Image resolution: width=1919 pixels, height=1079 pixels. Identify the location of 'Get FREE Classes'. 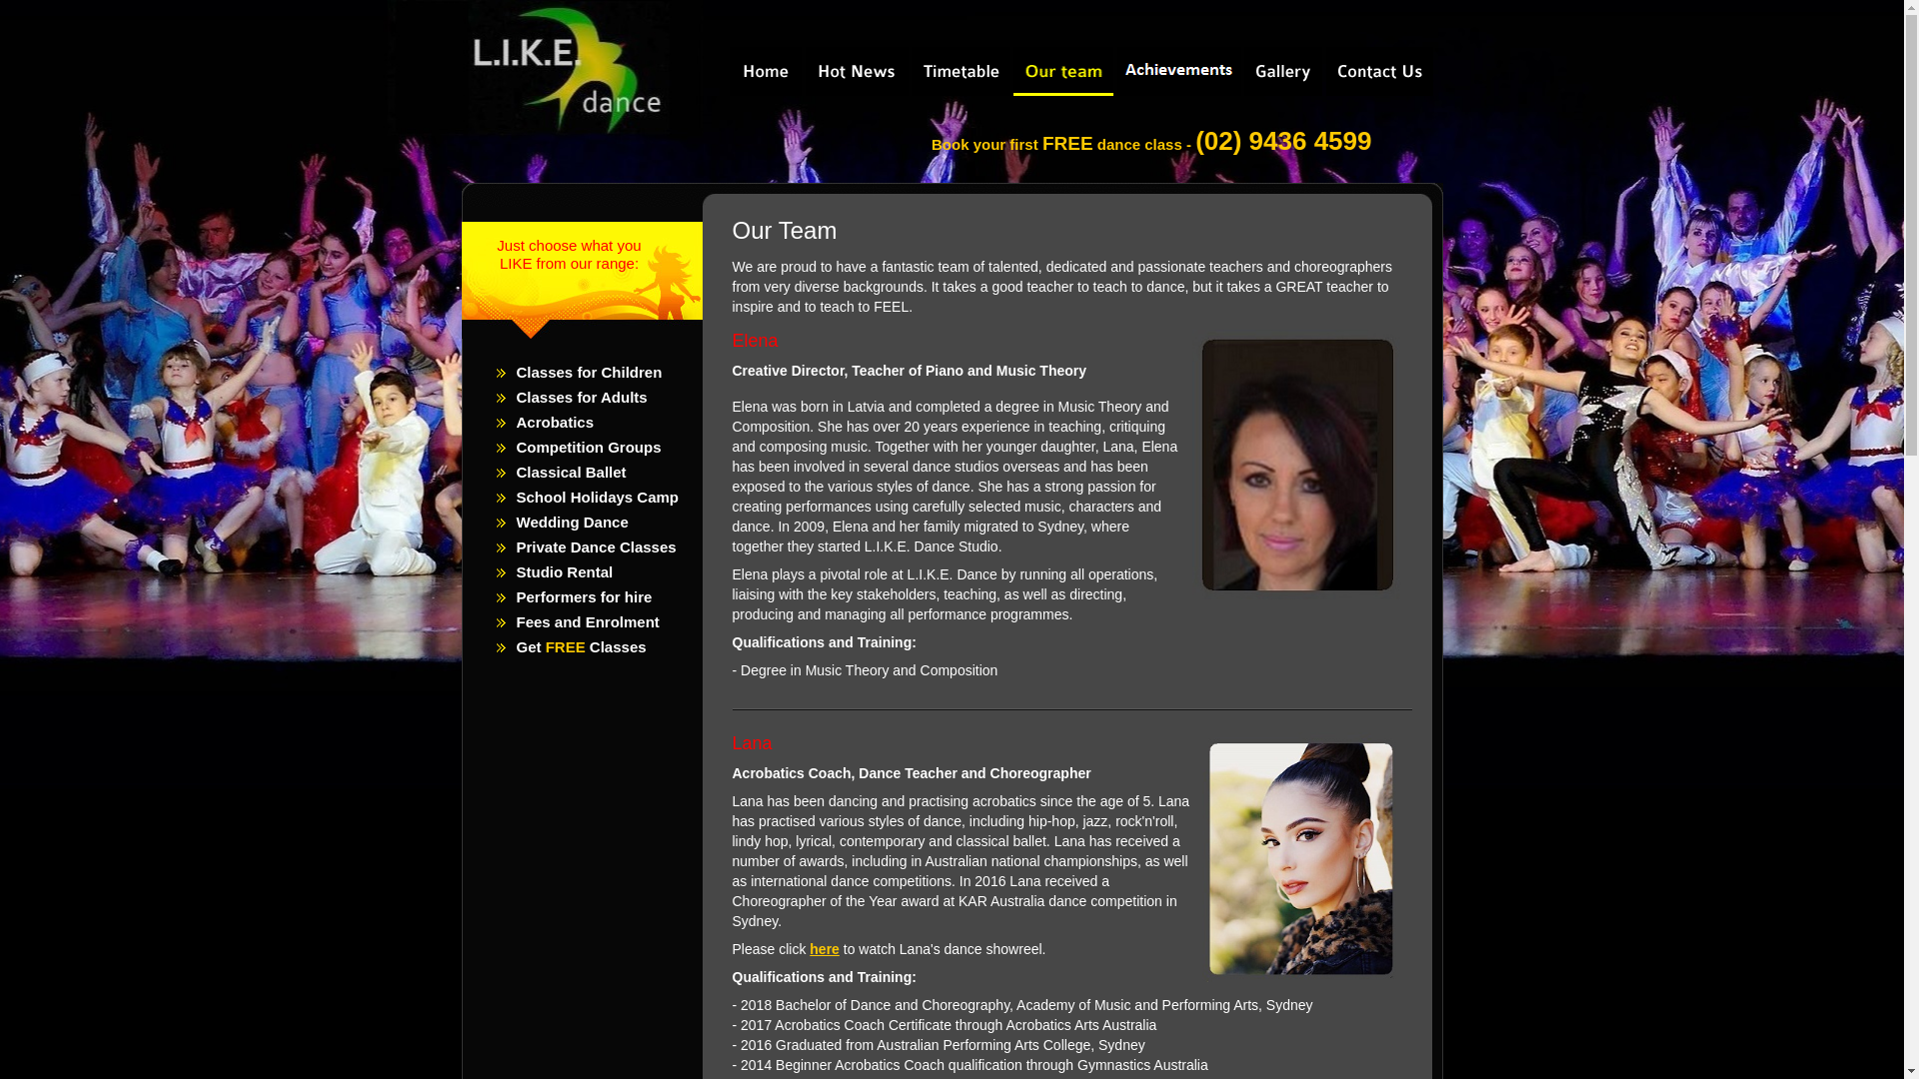
(579, 646).